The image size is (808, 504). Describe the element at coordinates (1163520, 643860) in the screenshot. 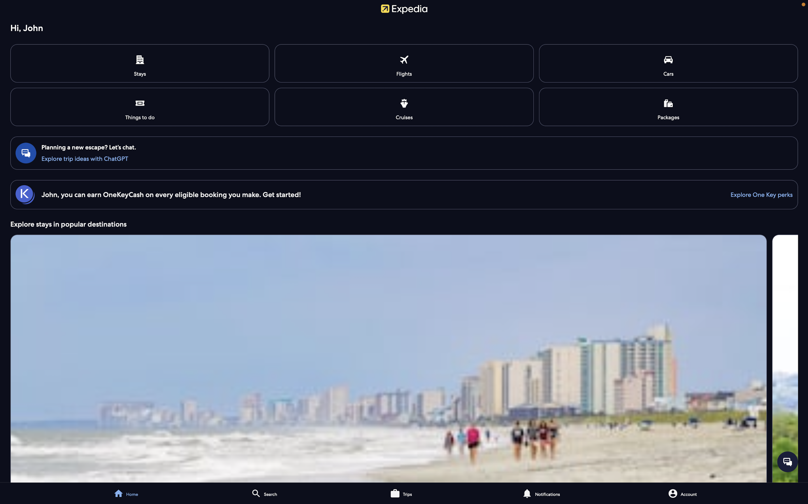

I see `Scroll through the "explore stays" section` at that location.